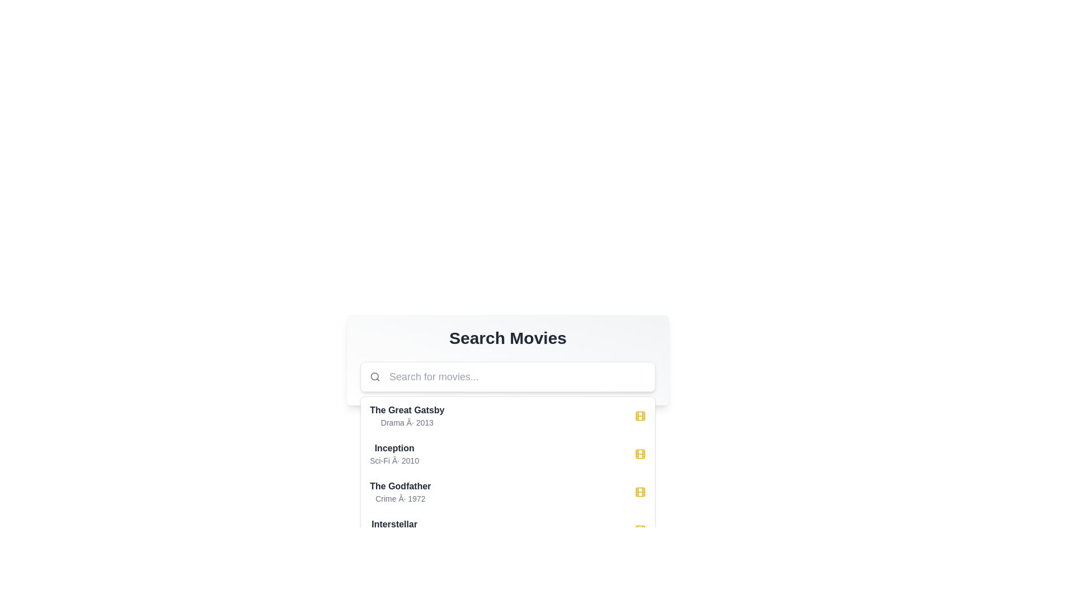  I want to click on the filmstrip icon located at the far right end of the row for 'The Great Gatsby', so click(640, 416).